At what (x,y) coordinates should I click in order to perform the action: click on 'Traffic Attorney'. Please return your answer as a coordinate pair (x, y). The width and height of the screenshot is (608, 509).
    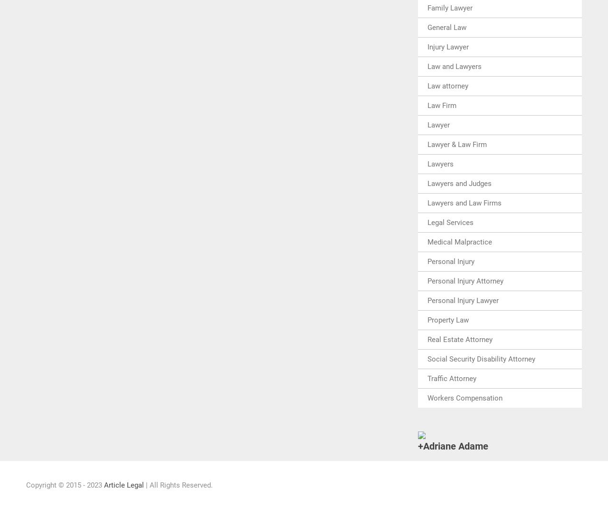
    Looking at the image, I should click on (451, 378).